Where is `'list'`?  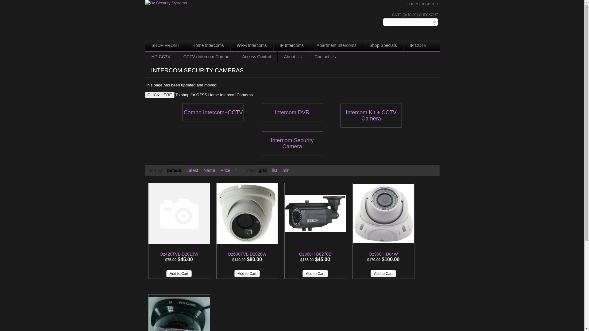
'list' is located at coordinates (270, 170).